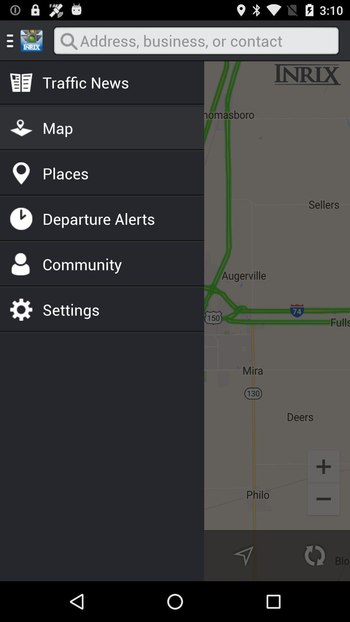  Describe the element at coordinates (65, 173) in the screenshot. I see `places` at that location.